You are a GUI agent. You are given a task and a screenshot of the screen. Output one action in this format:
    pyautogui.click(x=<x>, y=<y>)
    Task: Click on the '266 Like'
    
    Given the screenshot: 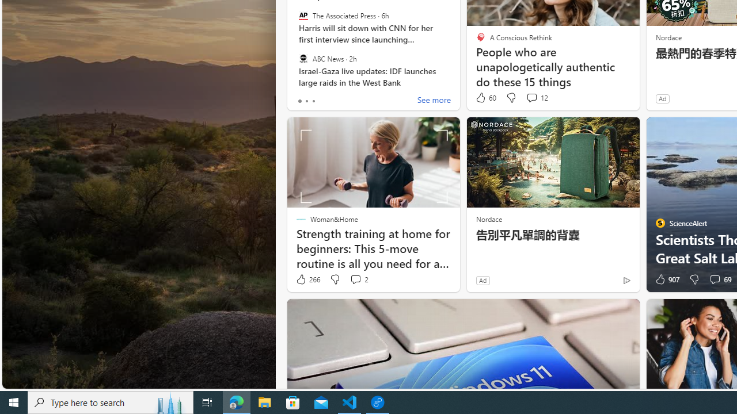 What is the action you would take?
    pyautogui.click(x=307, y=279)
    